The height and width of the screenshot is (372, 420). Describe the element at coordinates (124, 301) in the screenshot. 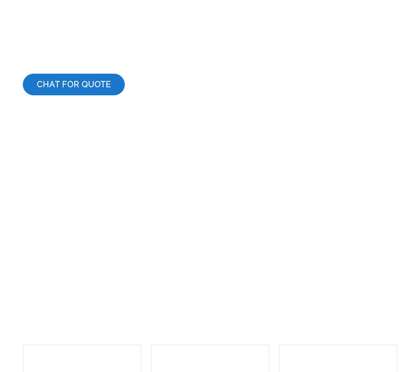

I see `'Terms and Conditions'` at that location.